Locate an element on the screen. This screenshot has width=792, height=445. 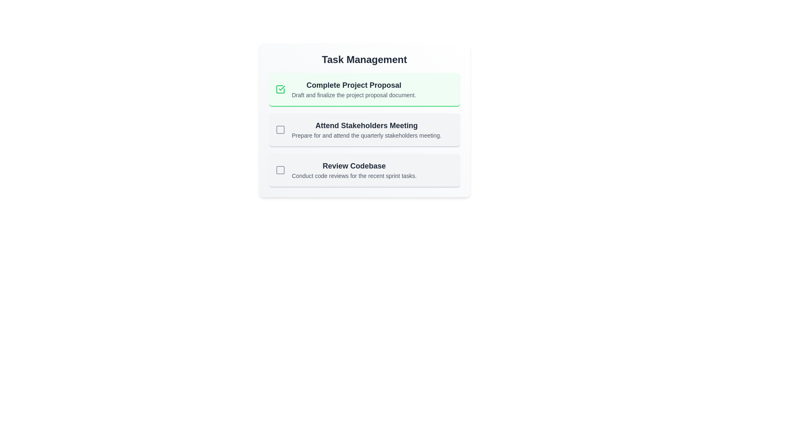
the checked state of the completed task represented by the icon located next to the text 'Complete Project Proposal' is located at coordinates (281, 88).